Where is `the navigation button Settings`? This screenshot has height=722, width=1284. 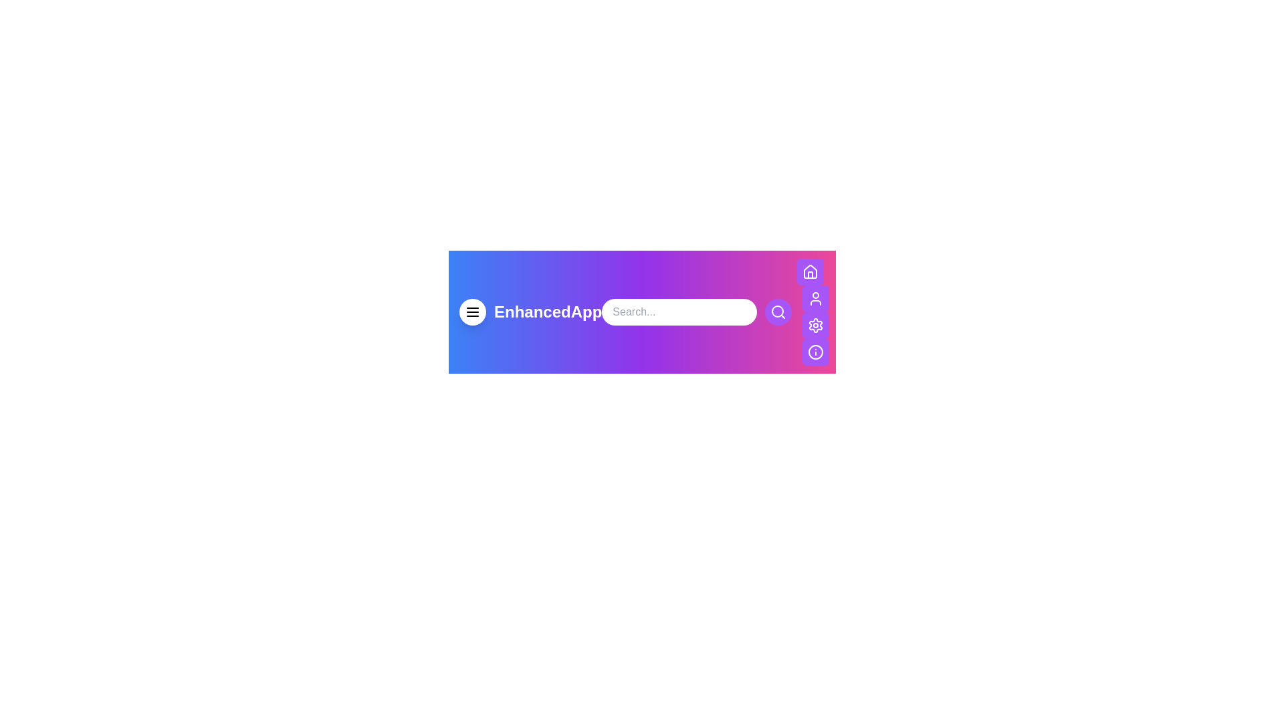
the navigation button Settings is located at coordinates (815, 325).